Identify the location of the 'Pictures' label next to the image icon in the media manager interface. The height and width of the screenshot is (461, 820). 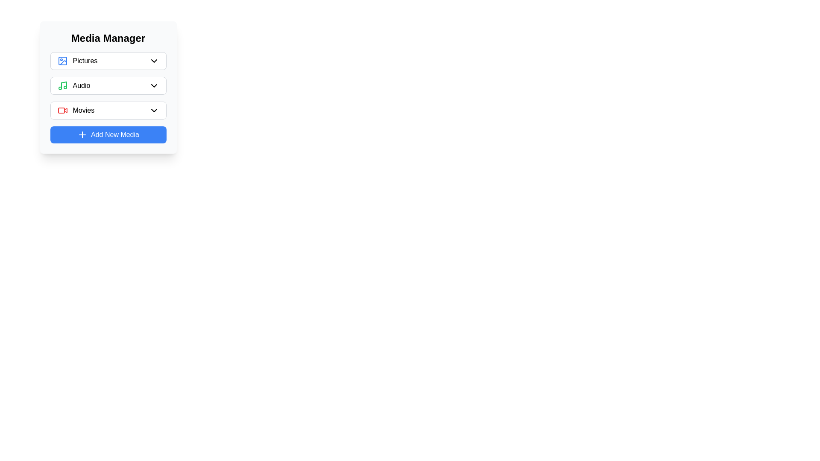
(77, 60).